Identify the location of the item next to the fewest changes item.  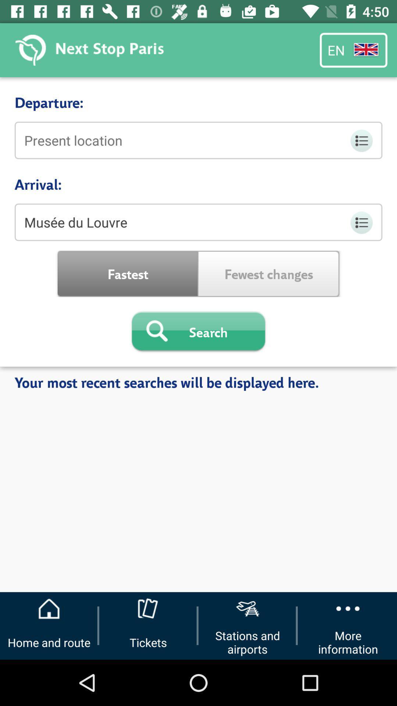
(128, 273).